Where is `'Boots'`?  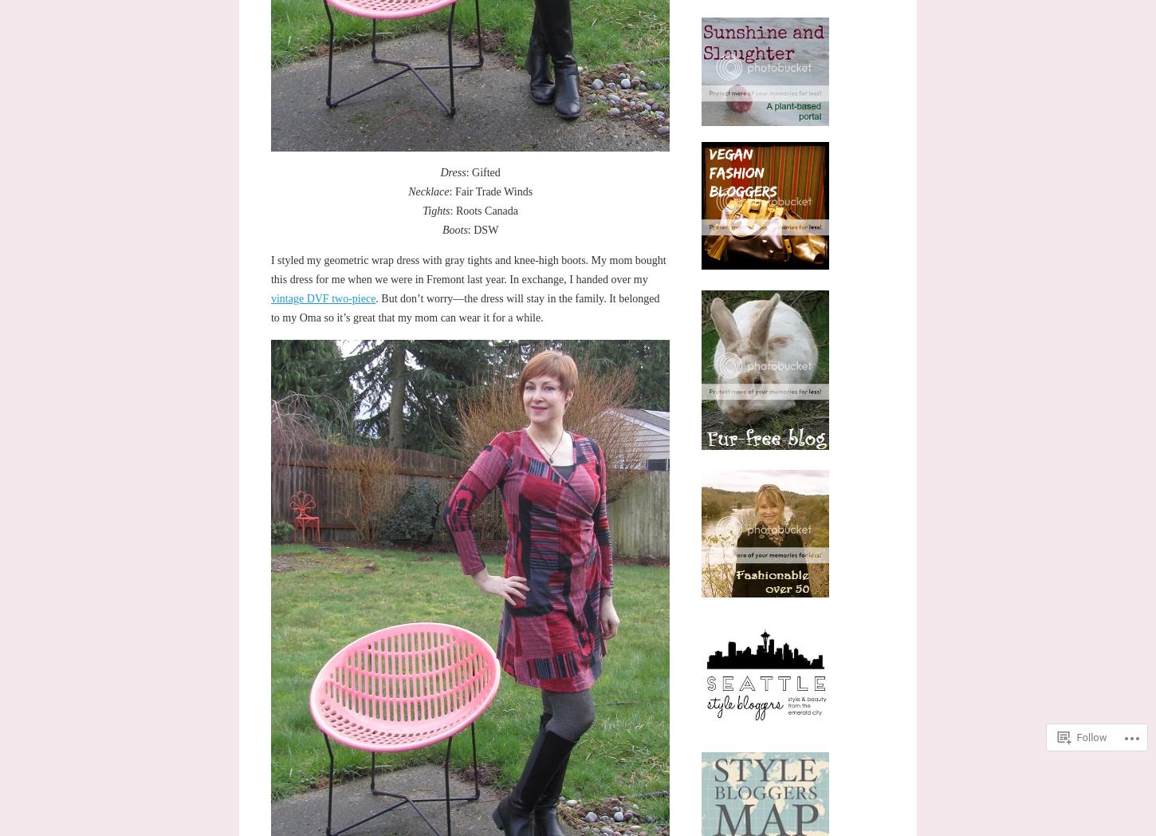
'Boots' is located at coordinates (454, 228).